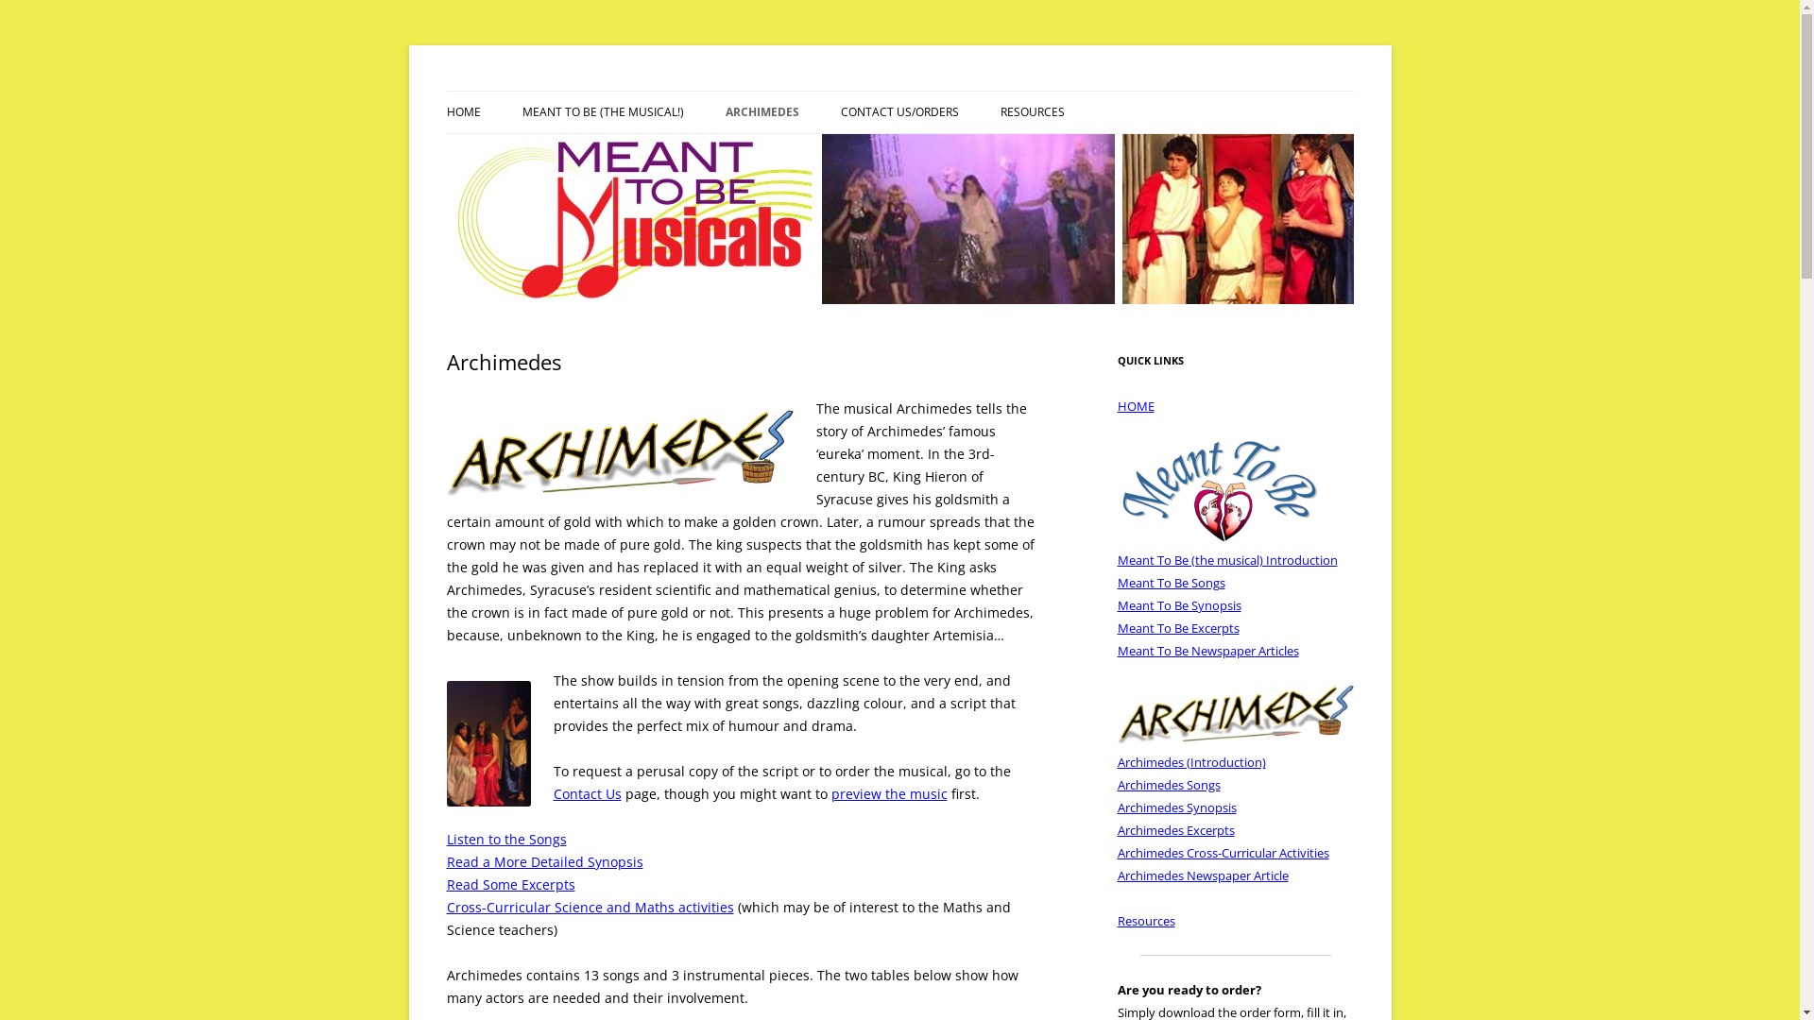  I want to click on 'MEANT TO BE (THE MUSICAL!)', so click(616, 151).